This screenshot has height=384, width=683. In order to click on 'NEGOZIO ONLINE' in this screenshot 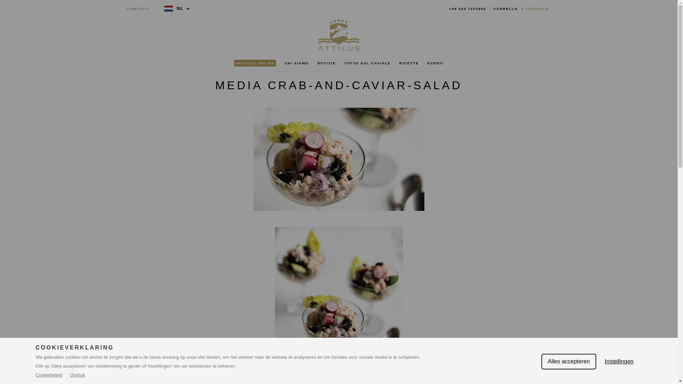, I will do `click(255, 63)`.